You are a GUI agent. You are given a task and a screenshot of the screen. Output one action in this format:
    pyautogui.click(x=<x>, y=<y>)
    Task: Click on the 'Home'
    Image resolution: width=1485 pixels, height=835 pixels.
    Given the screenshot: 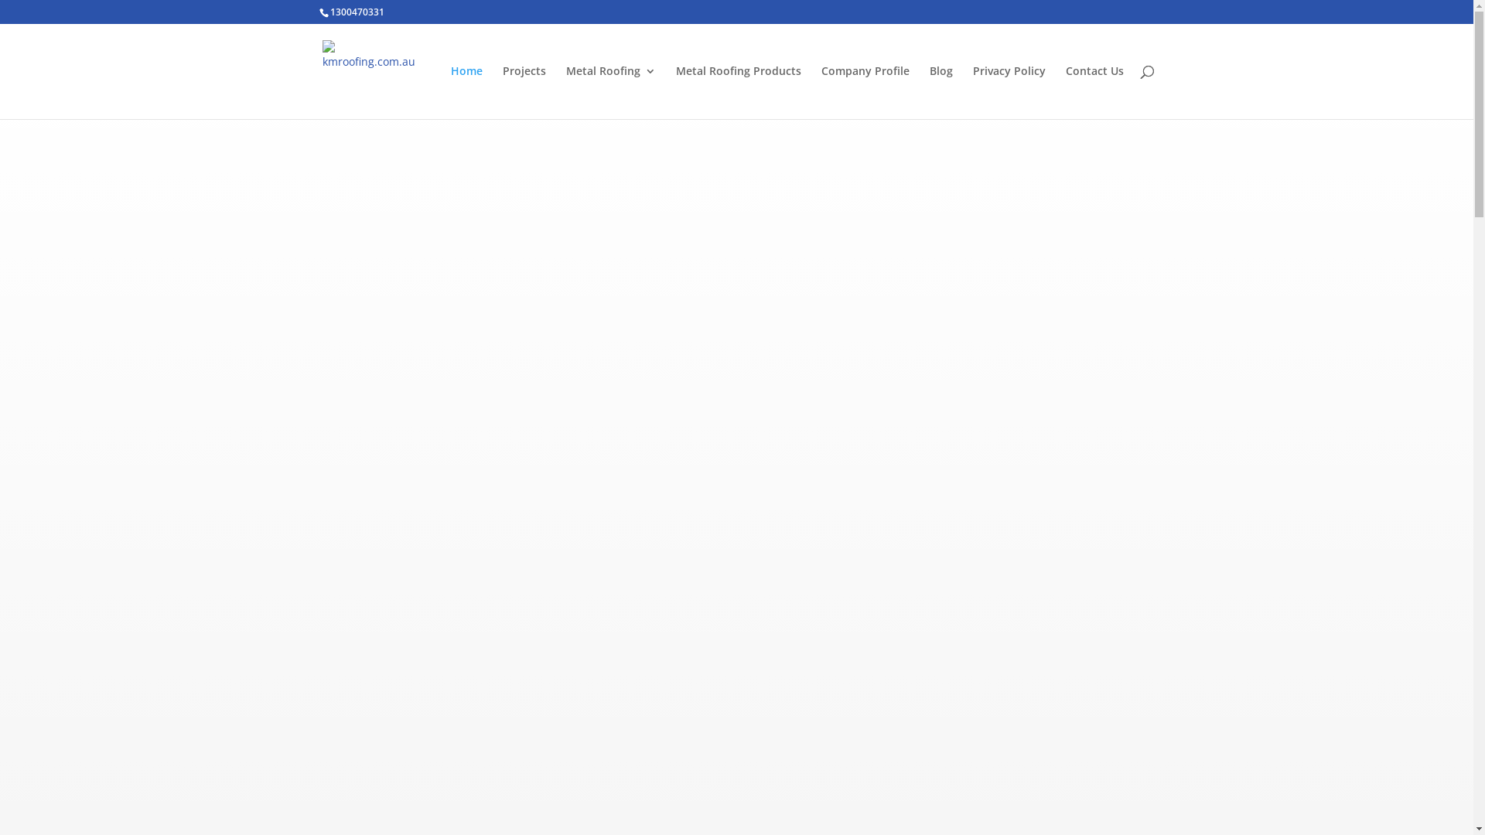 What is the action you would take?
    pyautogui.click(x=465, y=92)
    